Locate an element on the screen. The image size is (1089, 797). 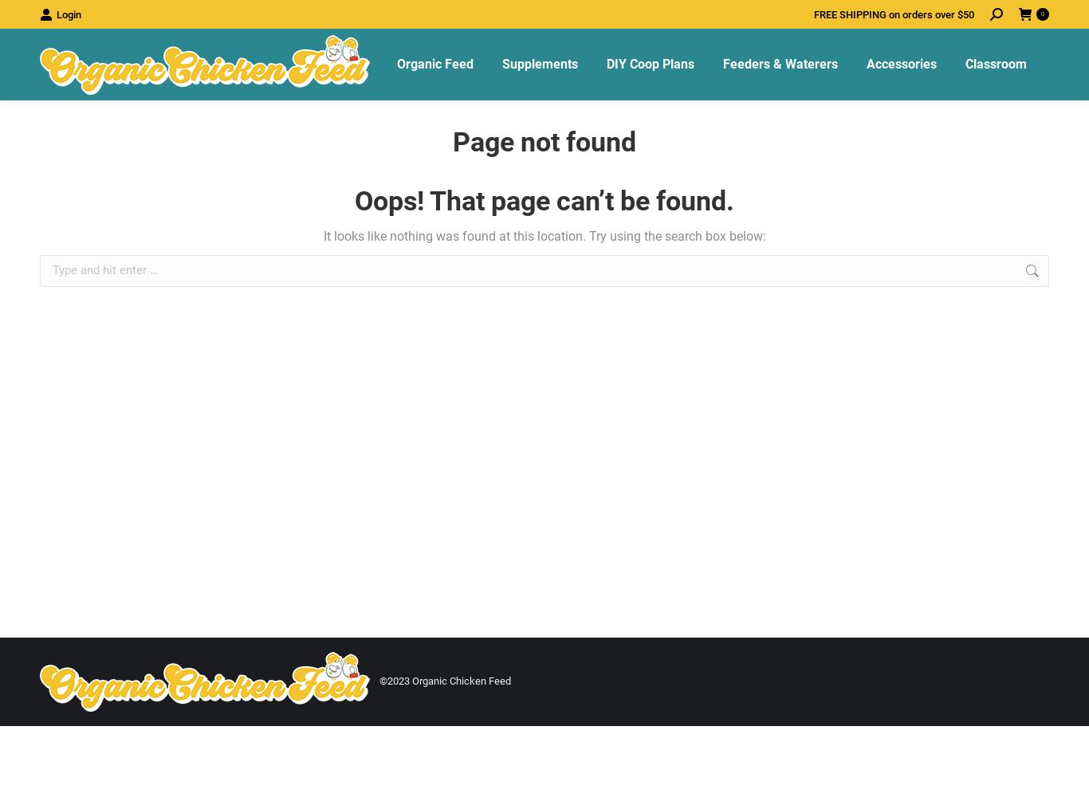
'Chicken Toys' is located at coordinates (896, 122).